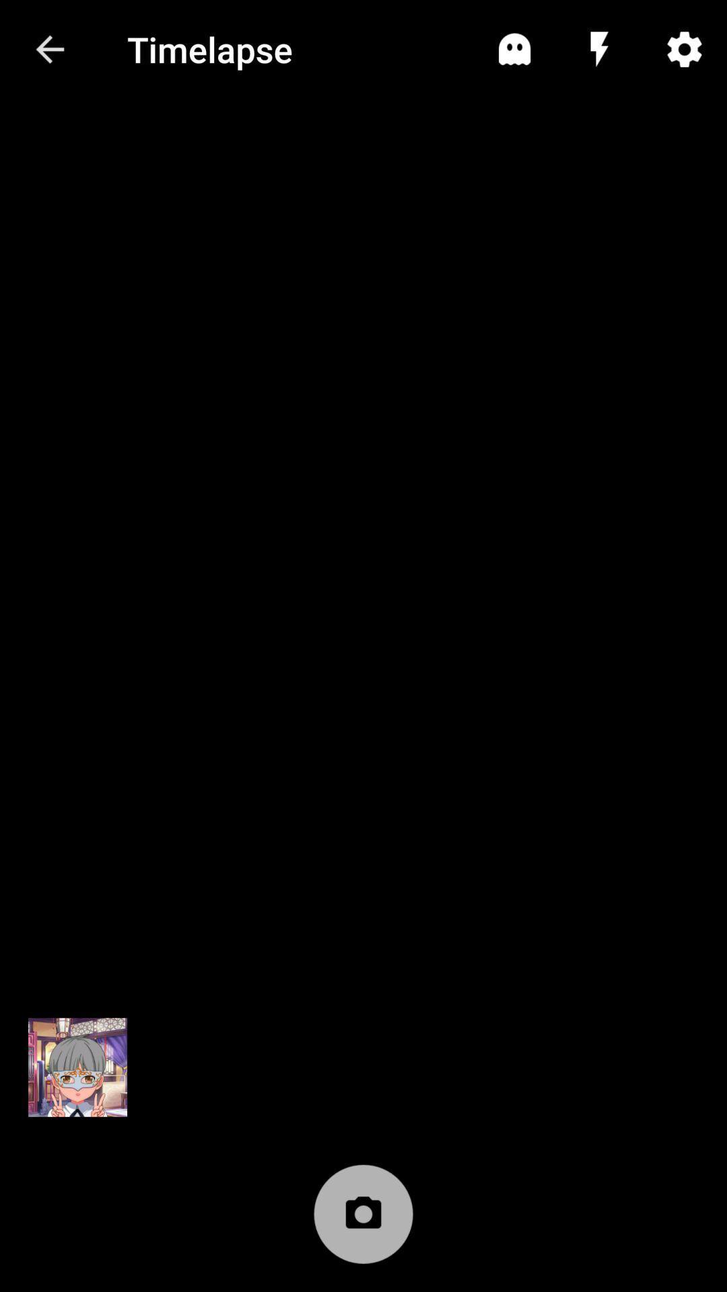 The width and height of the screenshot is (727, 1292). Describe the element at coordinates (363, 1221) in the screenshot. I see `icon at the bottom` at that location.